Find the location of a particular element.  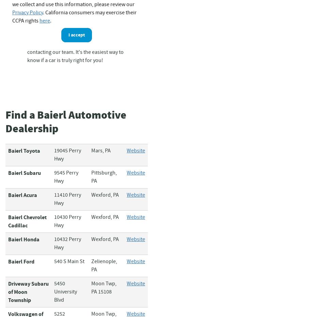

'here' is located at coordinates (39, 20).